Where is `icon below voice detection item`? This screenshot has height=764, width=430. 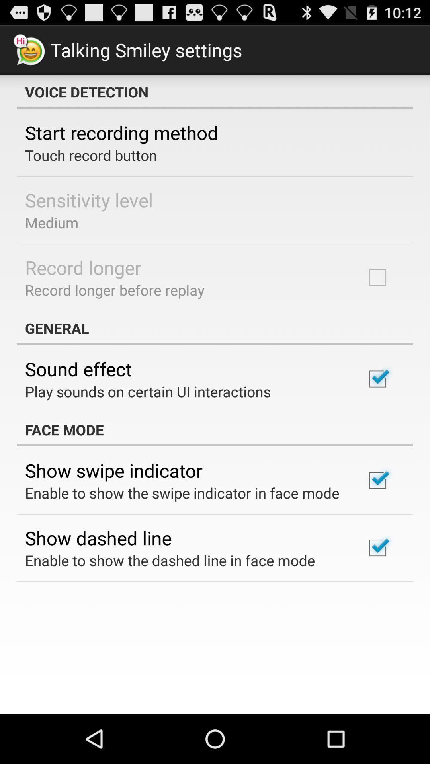 icon below voice detection item is located at coordinates (121, 133).